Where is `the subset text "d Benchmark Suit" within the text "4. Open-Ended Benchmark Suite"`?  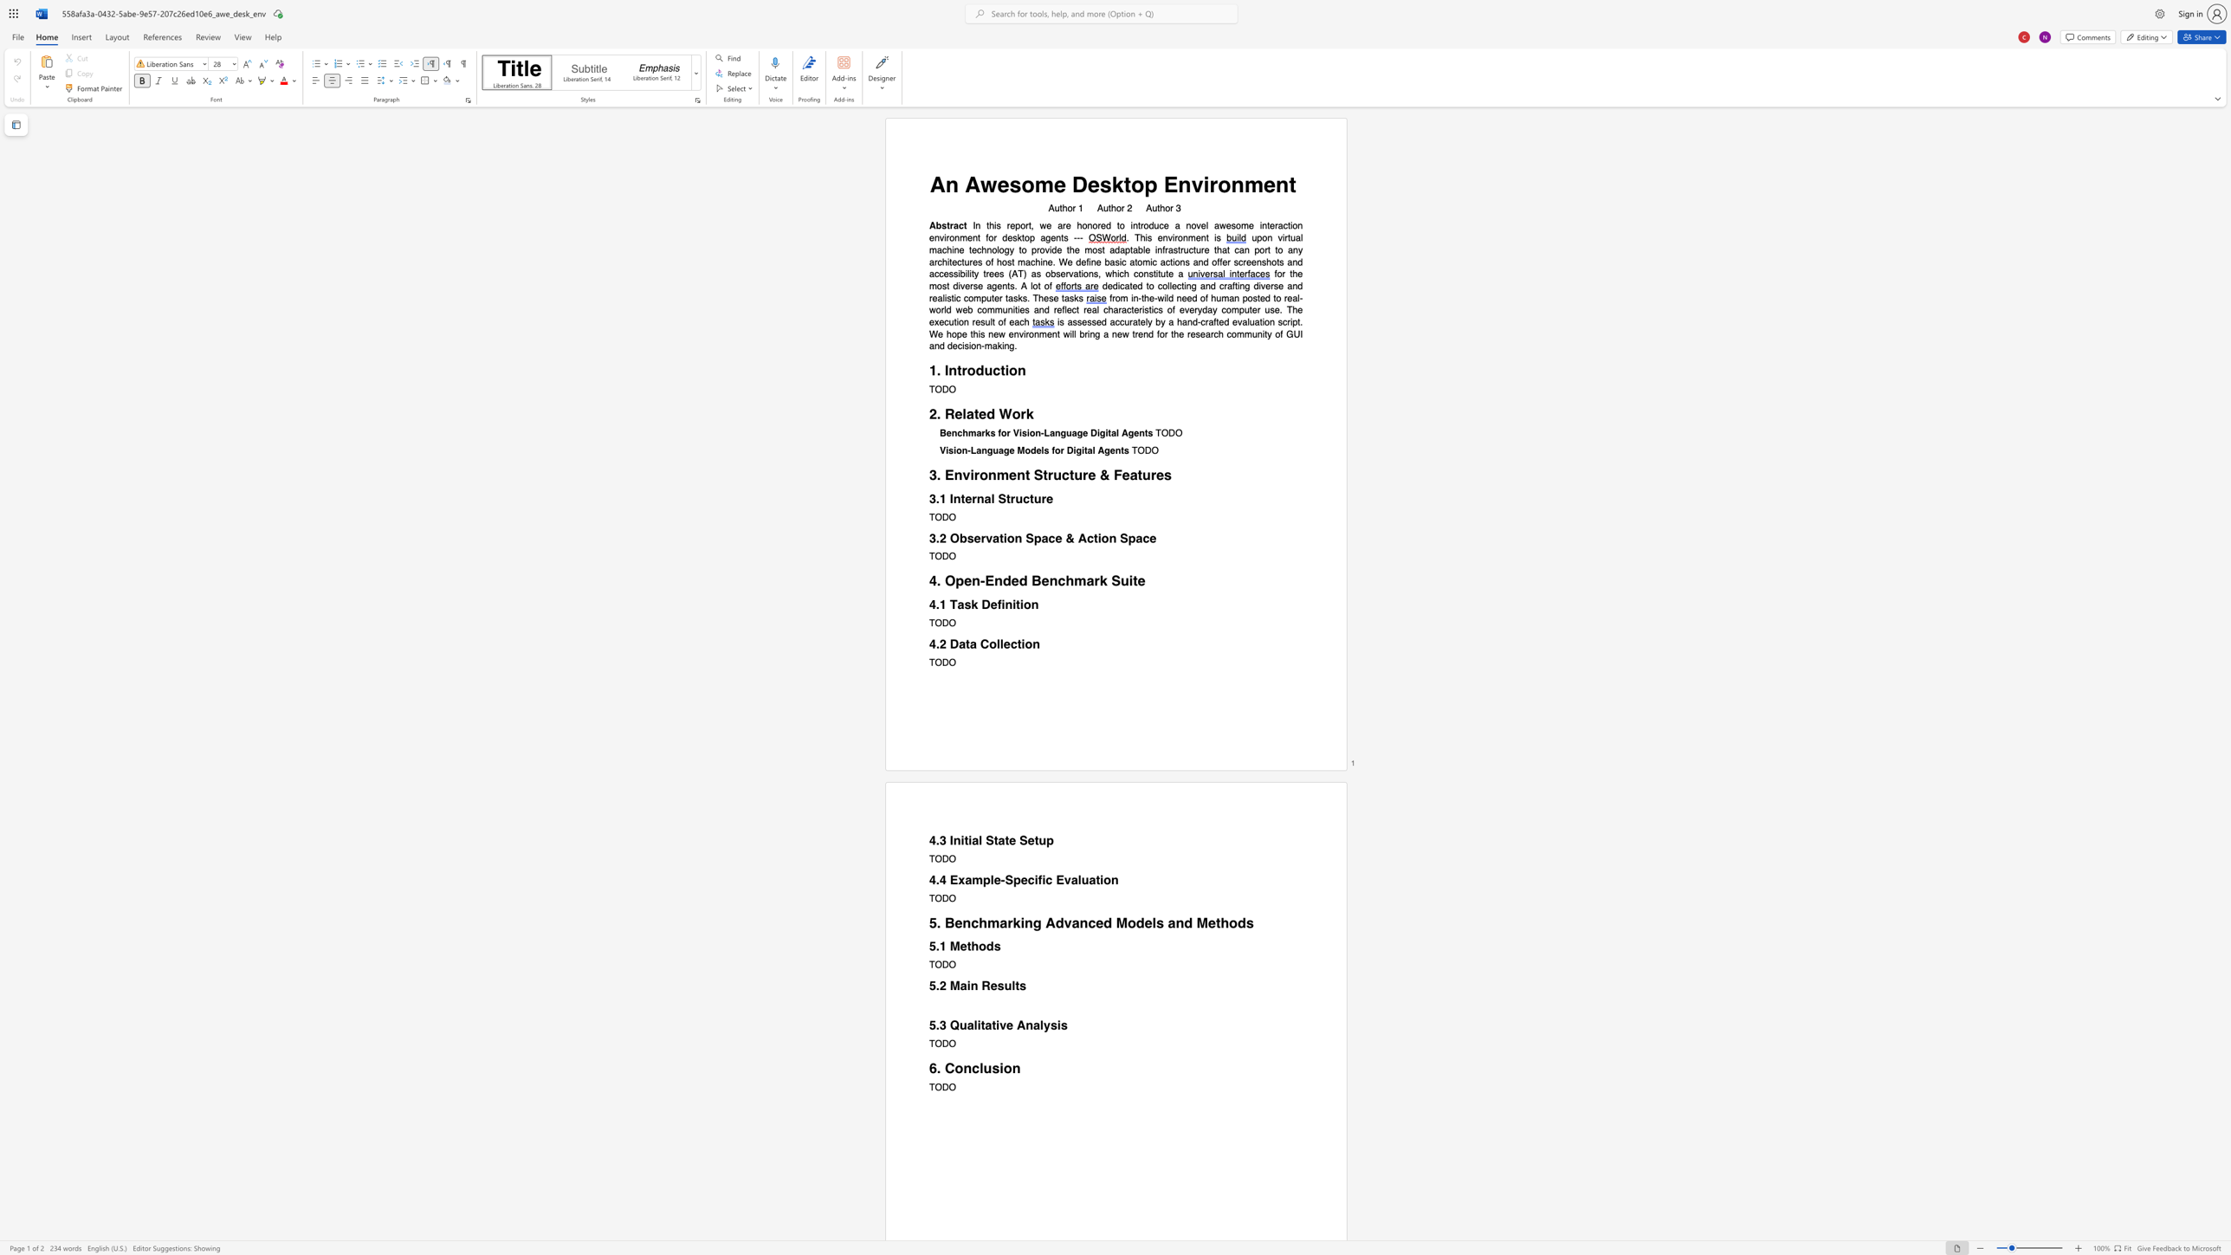 the subset text "d Benchmark Suit" within the text "4. Open-Ended Benchmark Suite" is located at coordinates (1018, 580).